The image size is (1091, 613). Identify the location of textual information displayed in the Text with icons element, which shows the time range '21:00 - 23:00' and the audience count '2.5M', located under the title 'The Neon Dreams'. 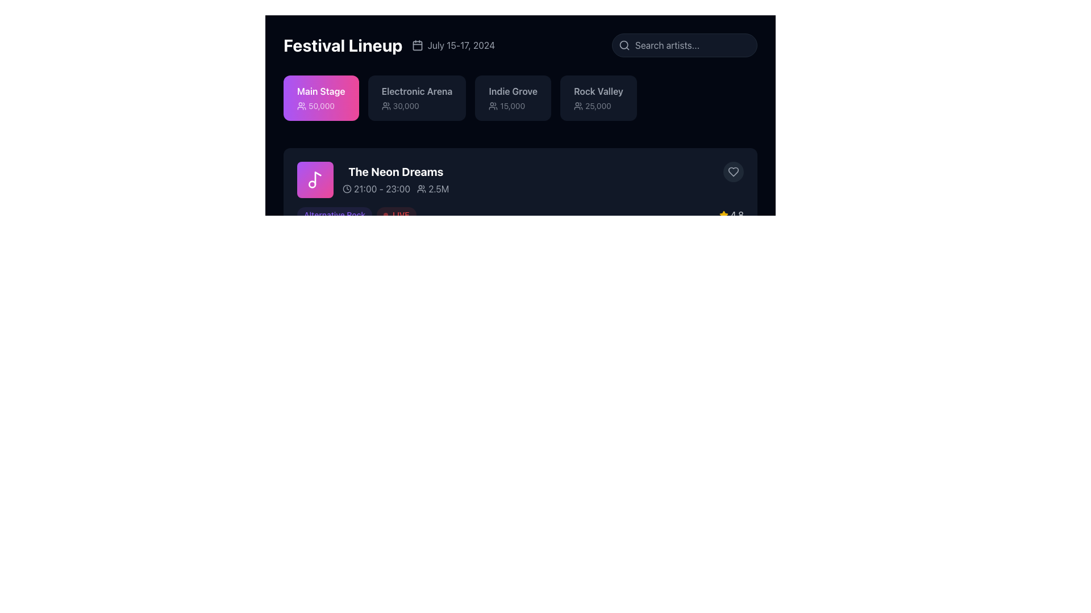
(395, 188).